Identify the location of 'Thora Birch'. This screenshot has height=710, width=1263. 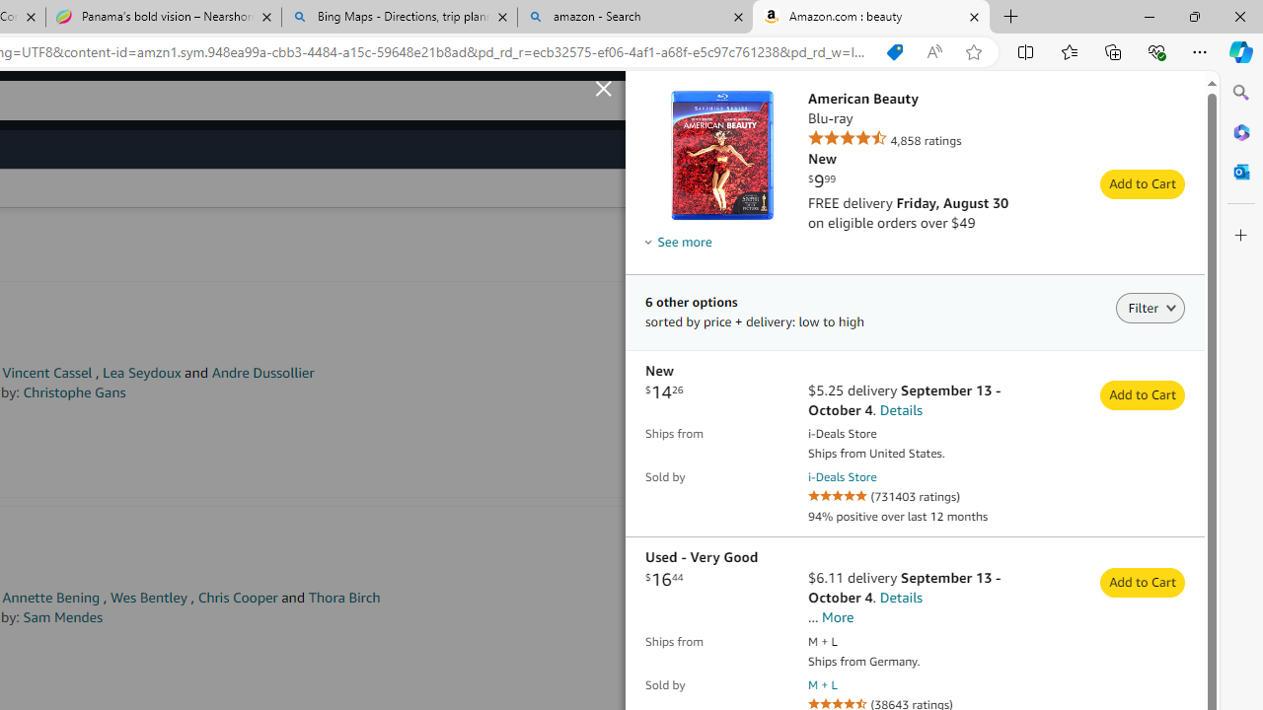
(344, 597).